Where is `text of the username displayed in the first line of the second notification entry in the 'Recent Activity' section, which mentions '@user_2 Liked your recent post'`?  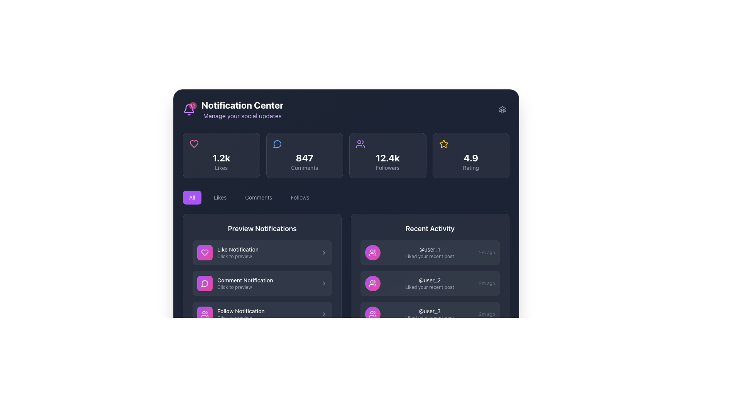 text of the username displayed in the first line of the second notification entry in the 'Recent Activity' section, which mentions '@user_2 Liked your recent post' is located at coordinates (429, 280).